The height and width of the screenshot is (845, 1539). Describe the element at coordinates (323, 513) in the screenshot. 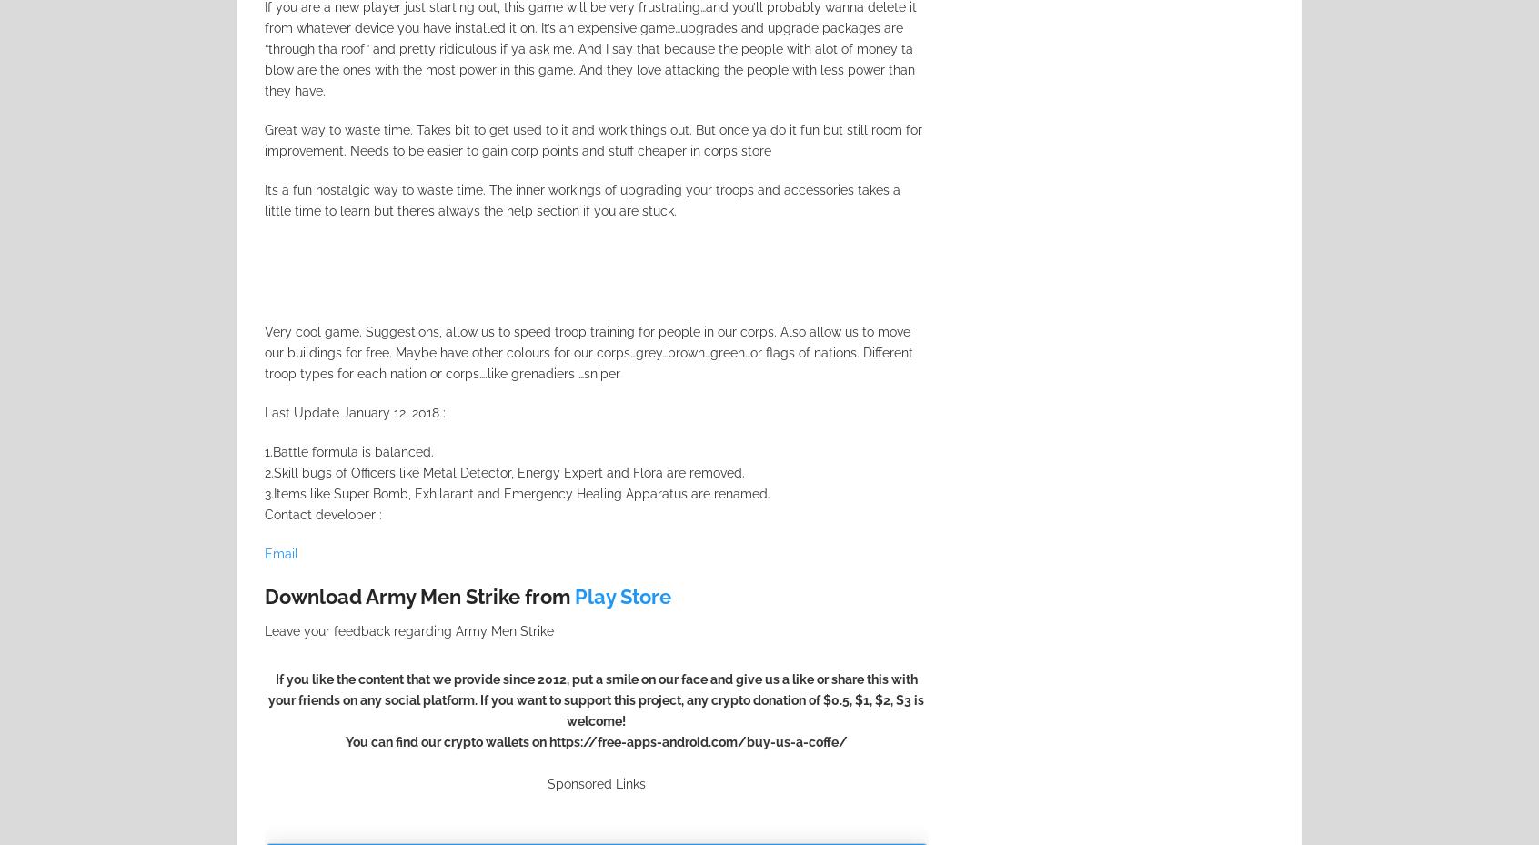

I see `'Contact developer :'` at that location.